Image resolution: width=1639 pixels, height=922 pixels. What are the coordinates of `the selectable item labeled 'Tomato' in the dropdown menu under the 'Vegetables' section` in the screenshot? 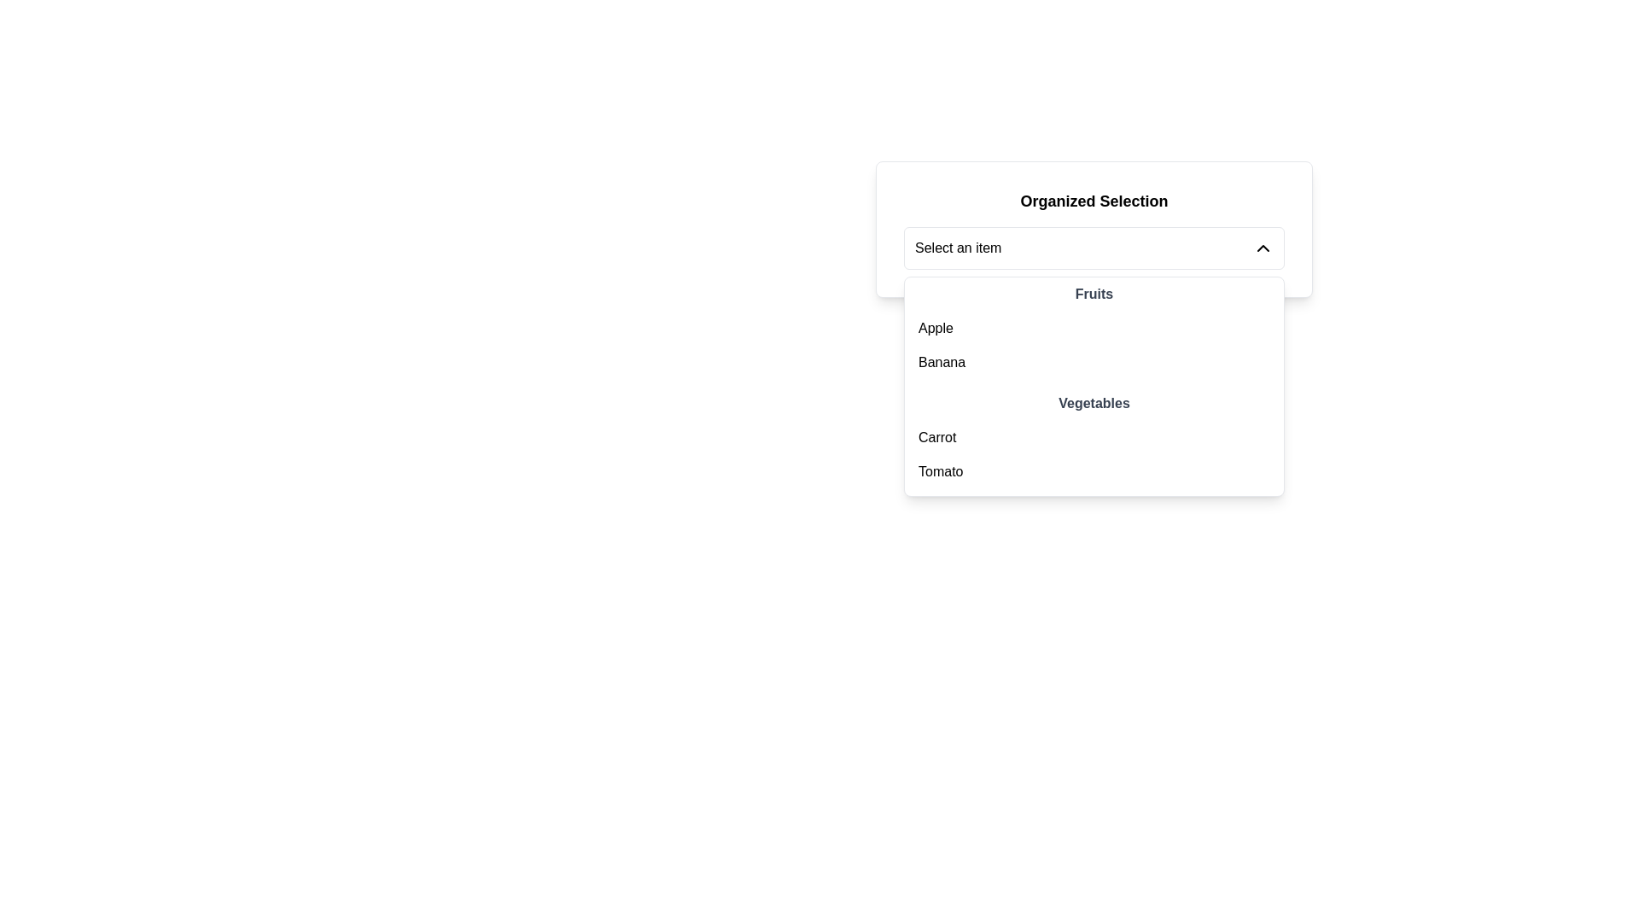 It's located at (1094, 471).